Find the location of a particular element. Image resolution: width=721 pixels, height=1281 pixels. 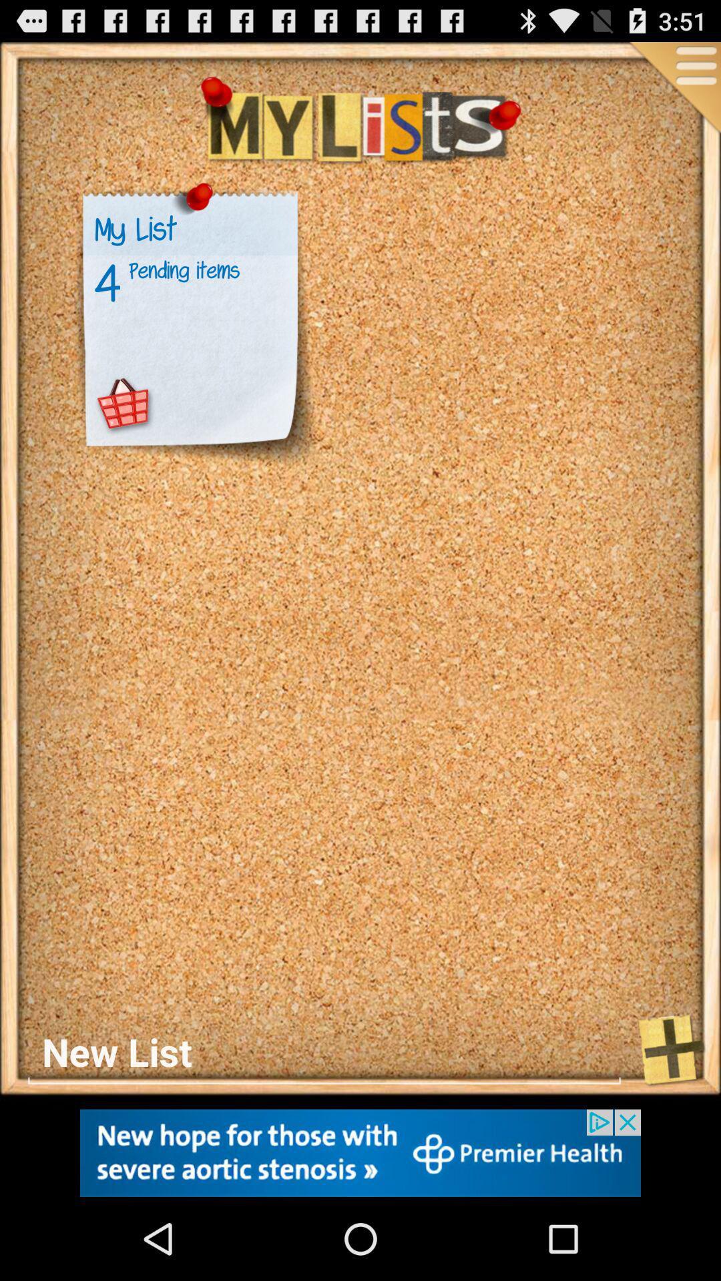

new list is located at coordinates (324, 1051).